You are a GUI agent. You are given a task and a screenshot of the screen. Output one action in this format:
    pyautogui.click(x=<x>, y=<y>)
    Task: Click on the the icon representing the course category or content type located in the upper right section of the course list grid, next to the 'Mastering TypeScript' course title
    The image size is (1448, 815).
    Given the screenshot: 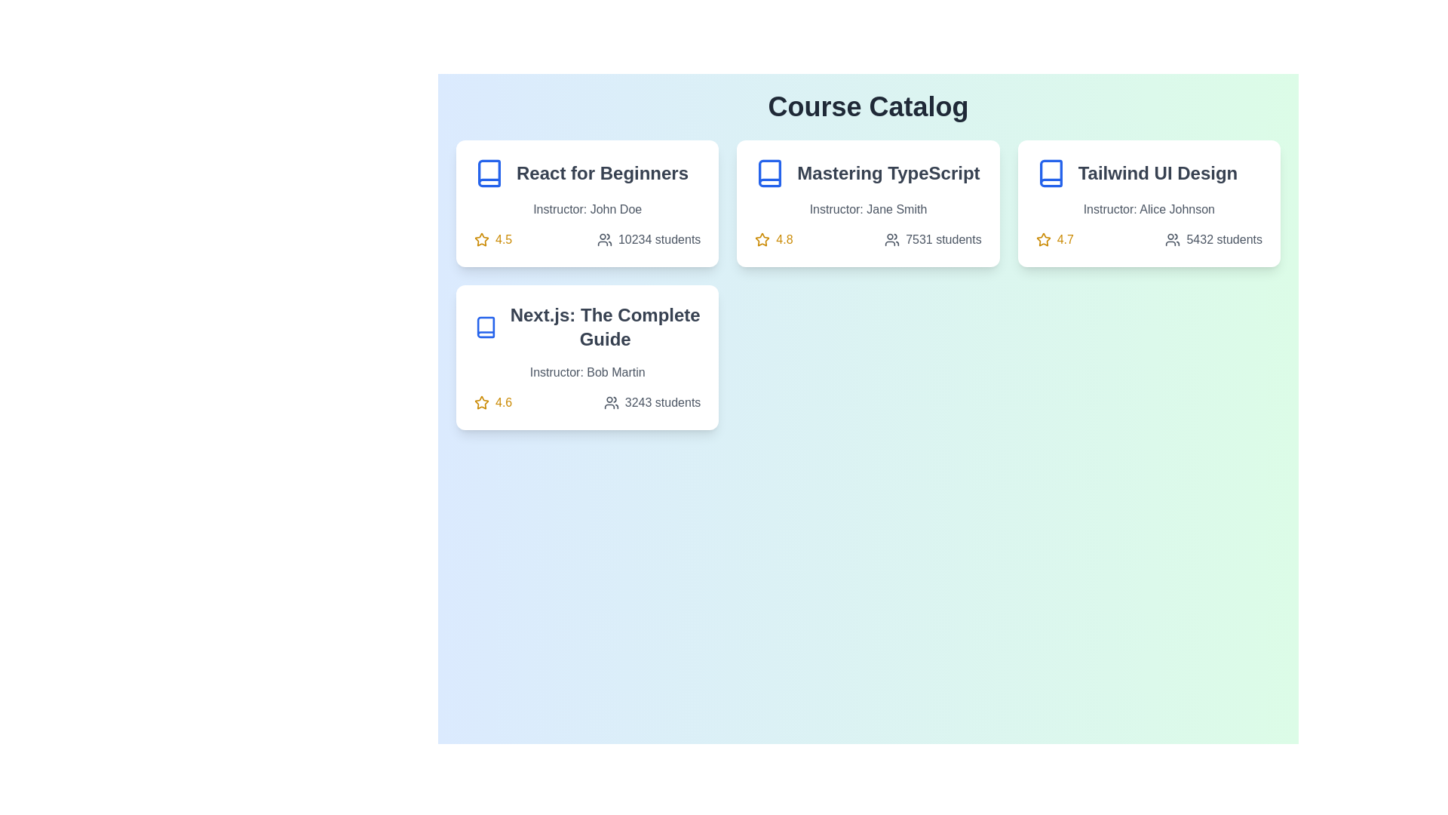 What is the action you would take?
    pyautogui.click(x=770, y=173)
    